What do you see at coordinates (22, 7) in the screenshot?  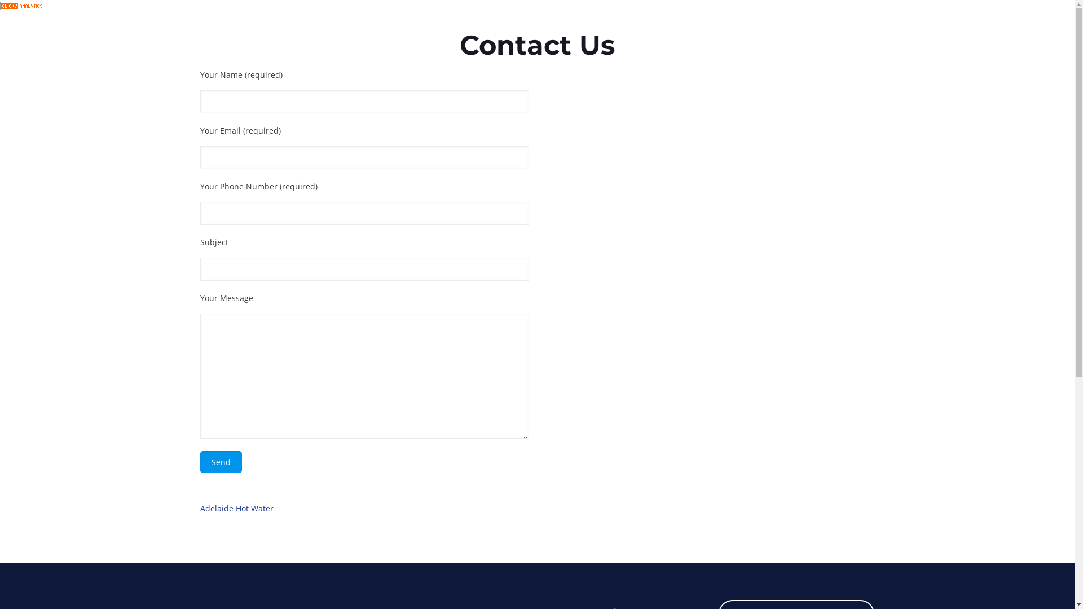 I see `'Google Analytics Alternative'` at bounding box center [22, 7].